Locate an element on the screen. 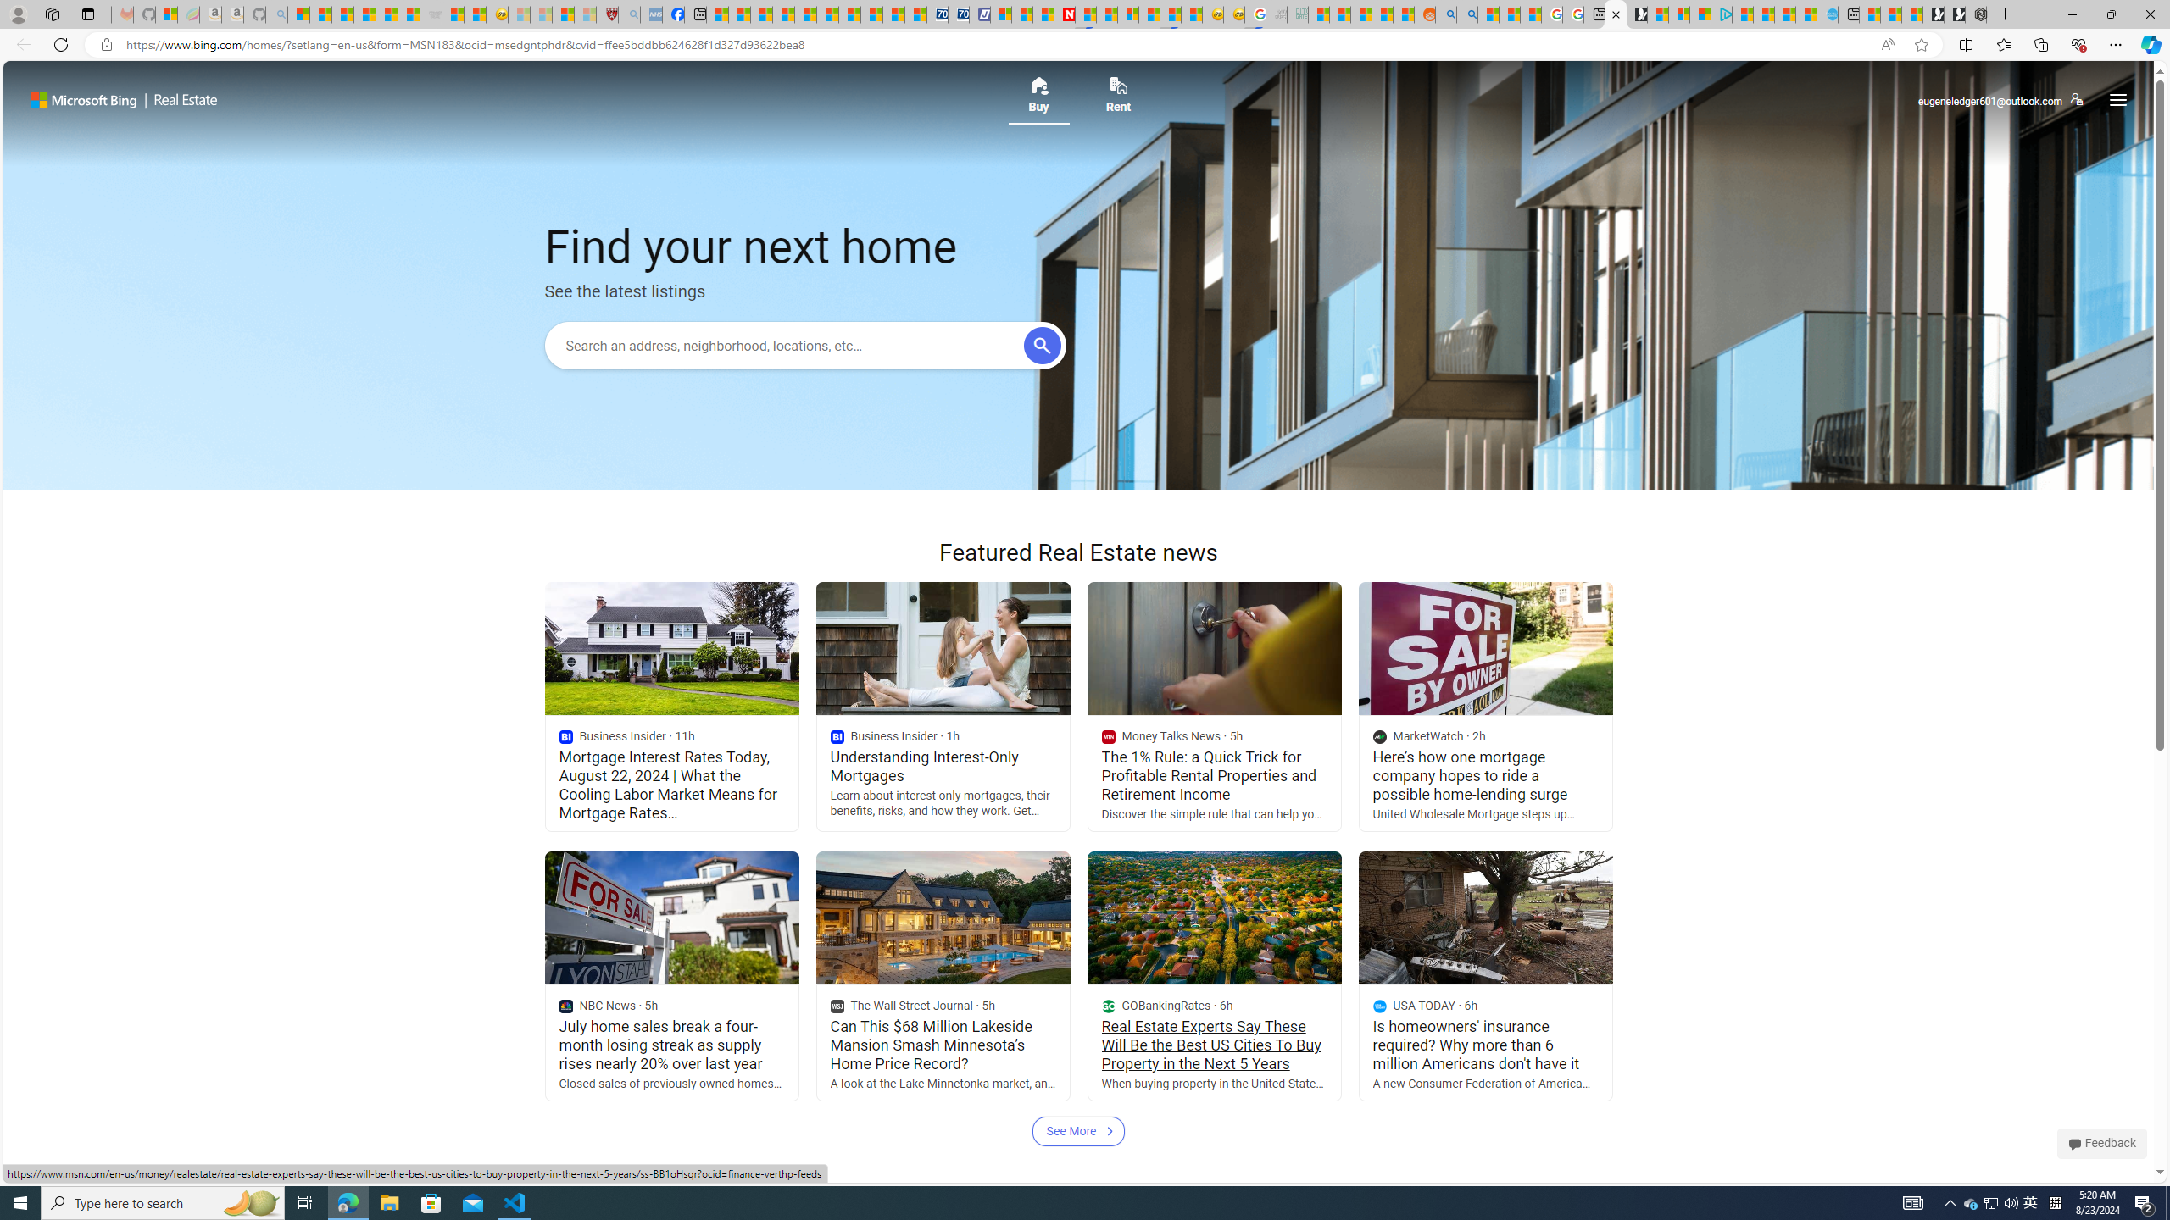  'Class: index-module__icon--92f11c' is located at coordinates (1378, 1006).